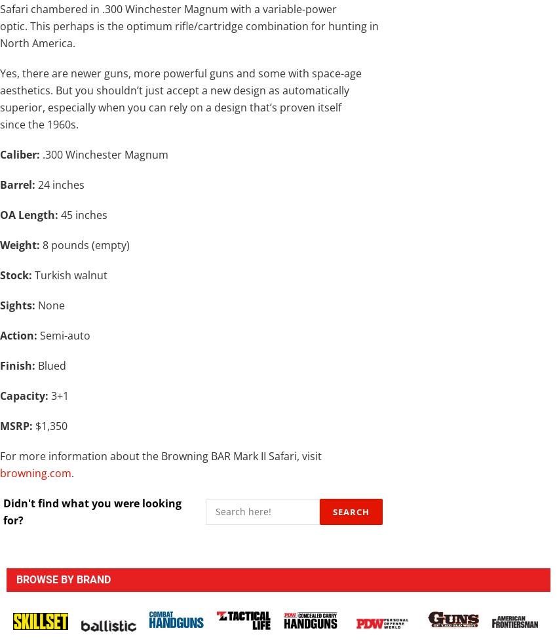  What do you see at coordinates (17, 183) in the screenshot?
I see `'Barrel:'` at bounding box center [17, 183].